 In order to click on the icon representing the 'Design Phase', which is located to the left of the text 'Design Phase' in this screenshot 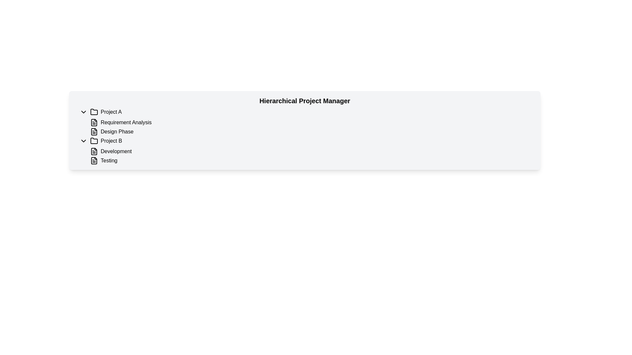, I will do `click(94, 132)`.